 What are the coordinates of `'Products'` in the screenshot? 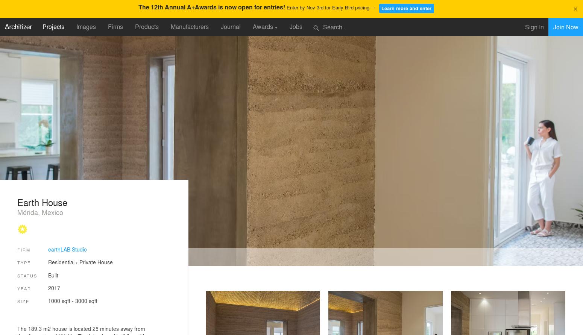 It's located at (147, 26).